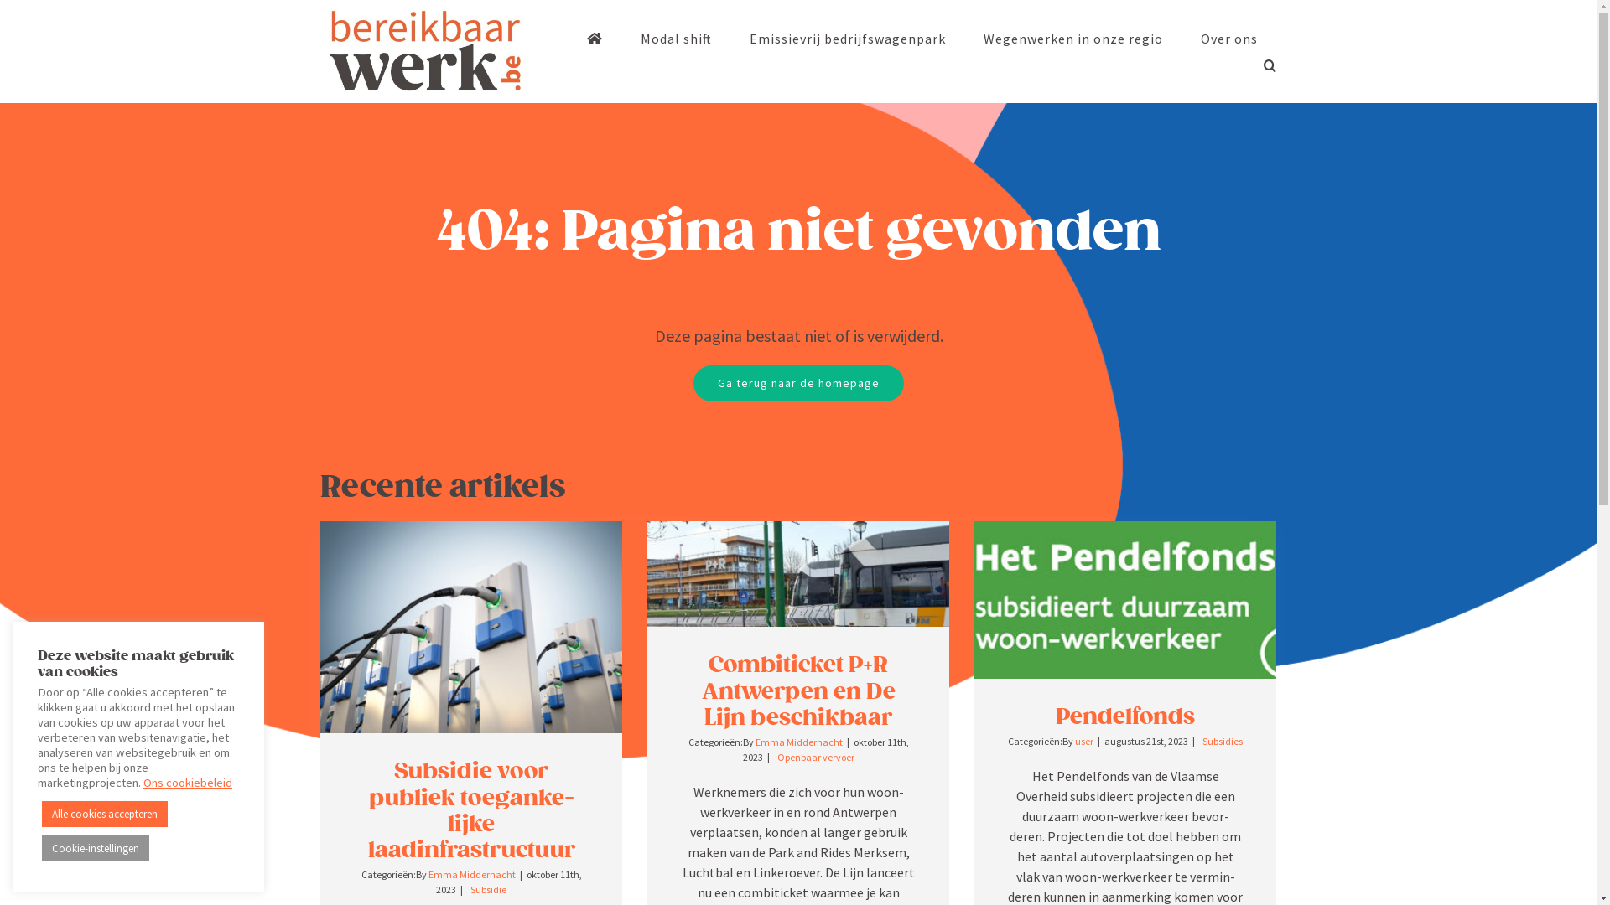  I want to click on 'Subsidie', so click(470, 888).